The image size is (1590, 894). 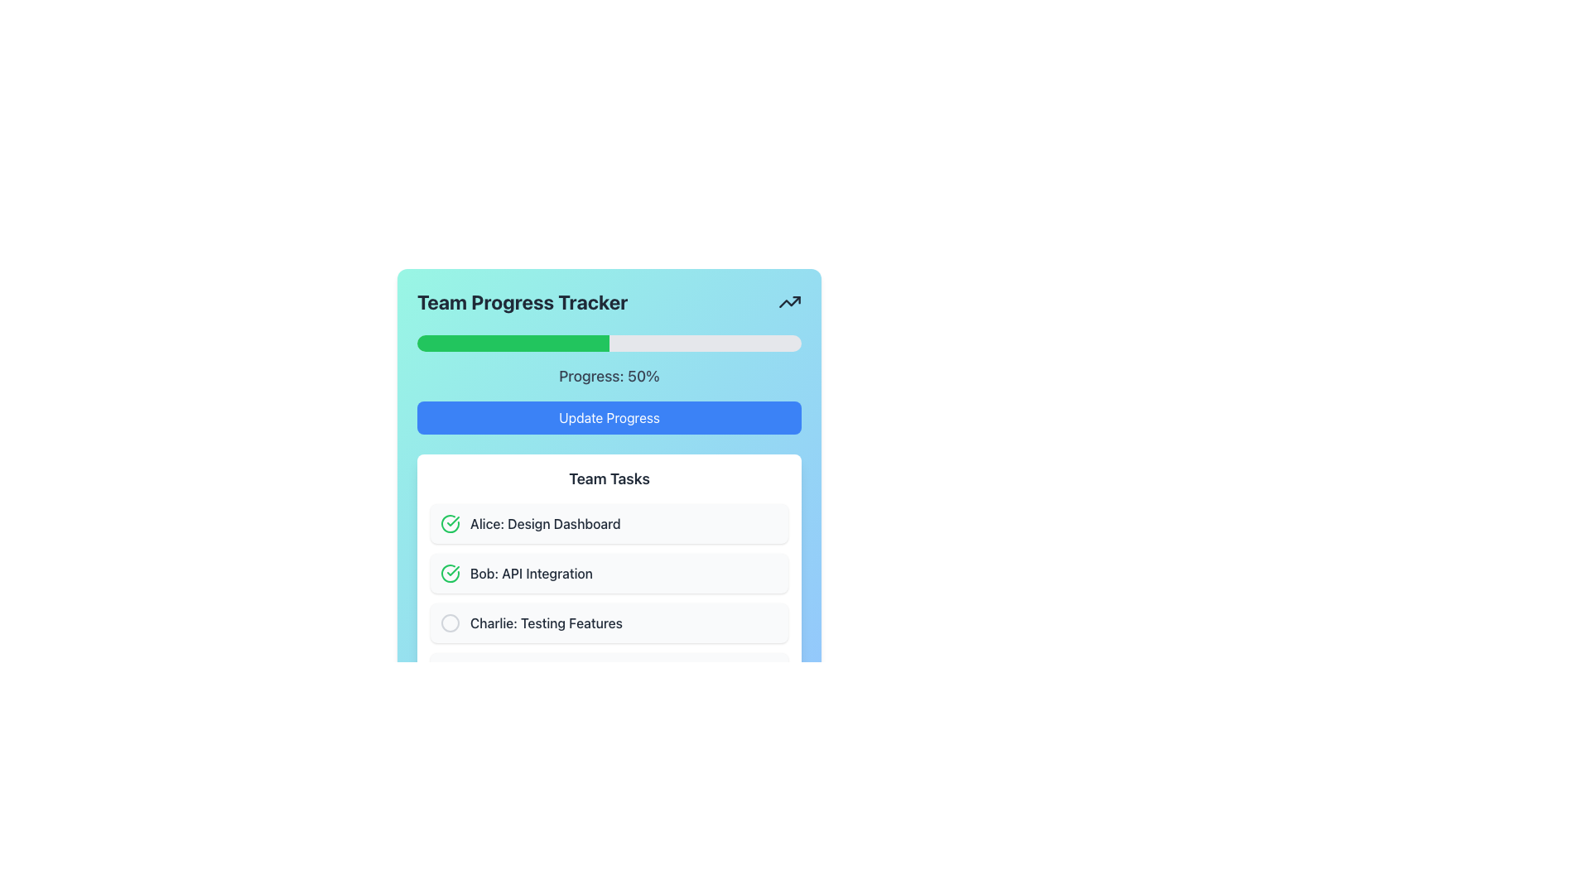 I want to click on the header text label that identifies the purpose of the section or application, indicating a tracker for team progress, so click(x=522, y=302).